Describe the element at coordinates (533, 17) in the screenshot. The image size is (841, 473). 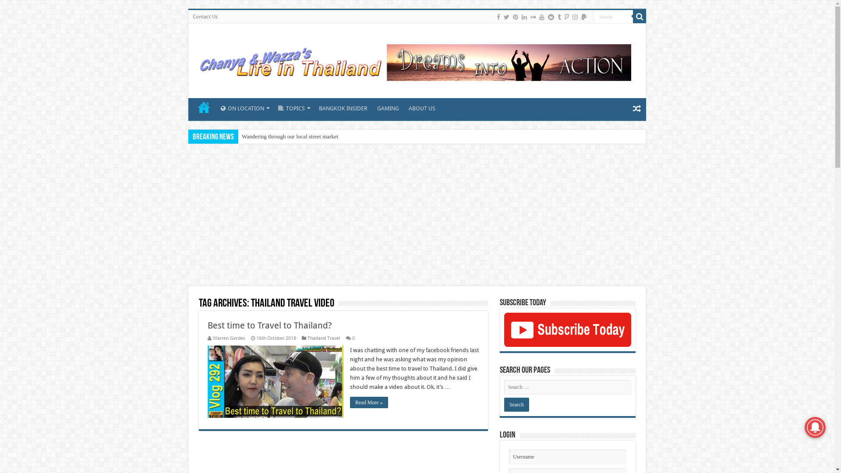
I see `'Flickr'` at that location.